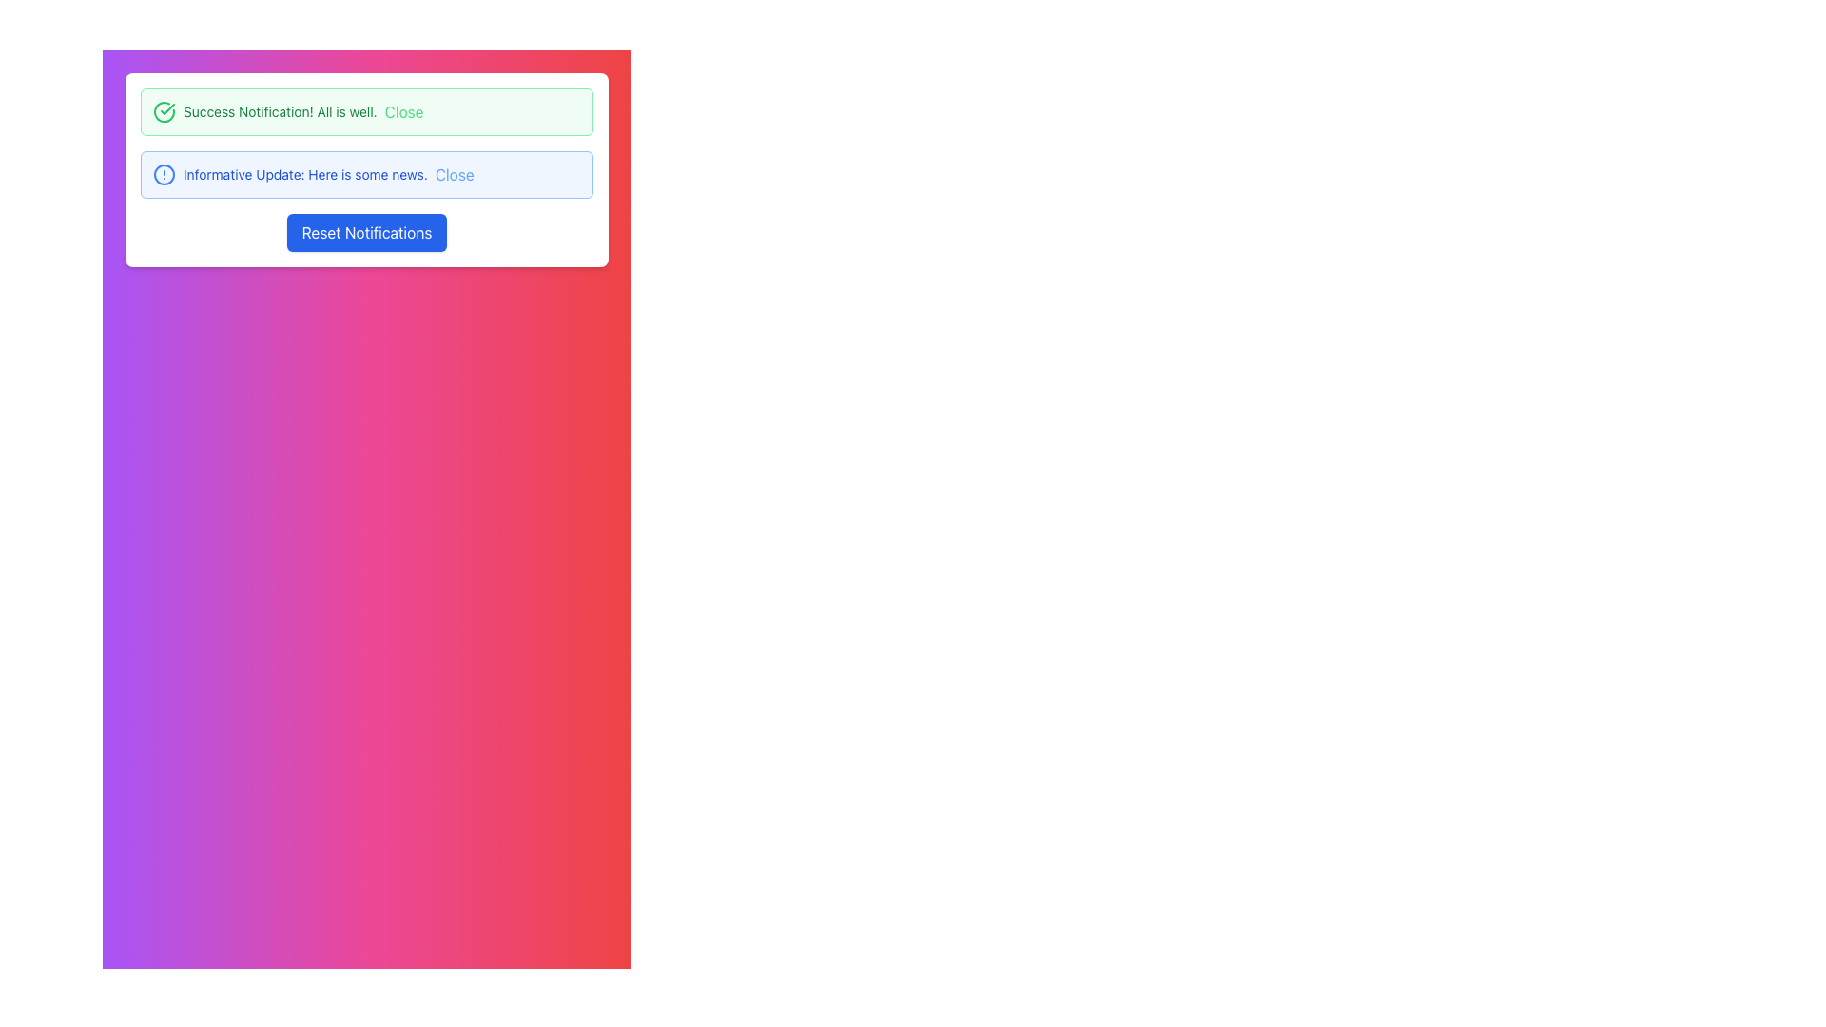 This screenshot has height=1027, width=1826. I want to click on the circular graphical component with a blue stroke and transparent fill, located to the left of the text 'Informative Update: Here is some news.', so click(164, 175).